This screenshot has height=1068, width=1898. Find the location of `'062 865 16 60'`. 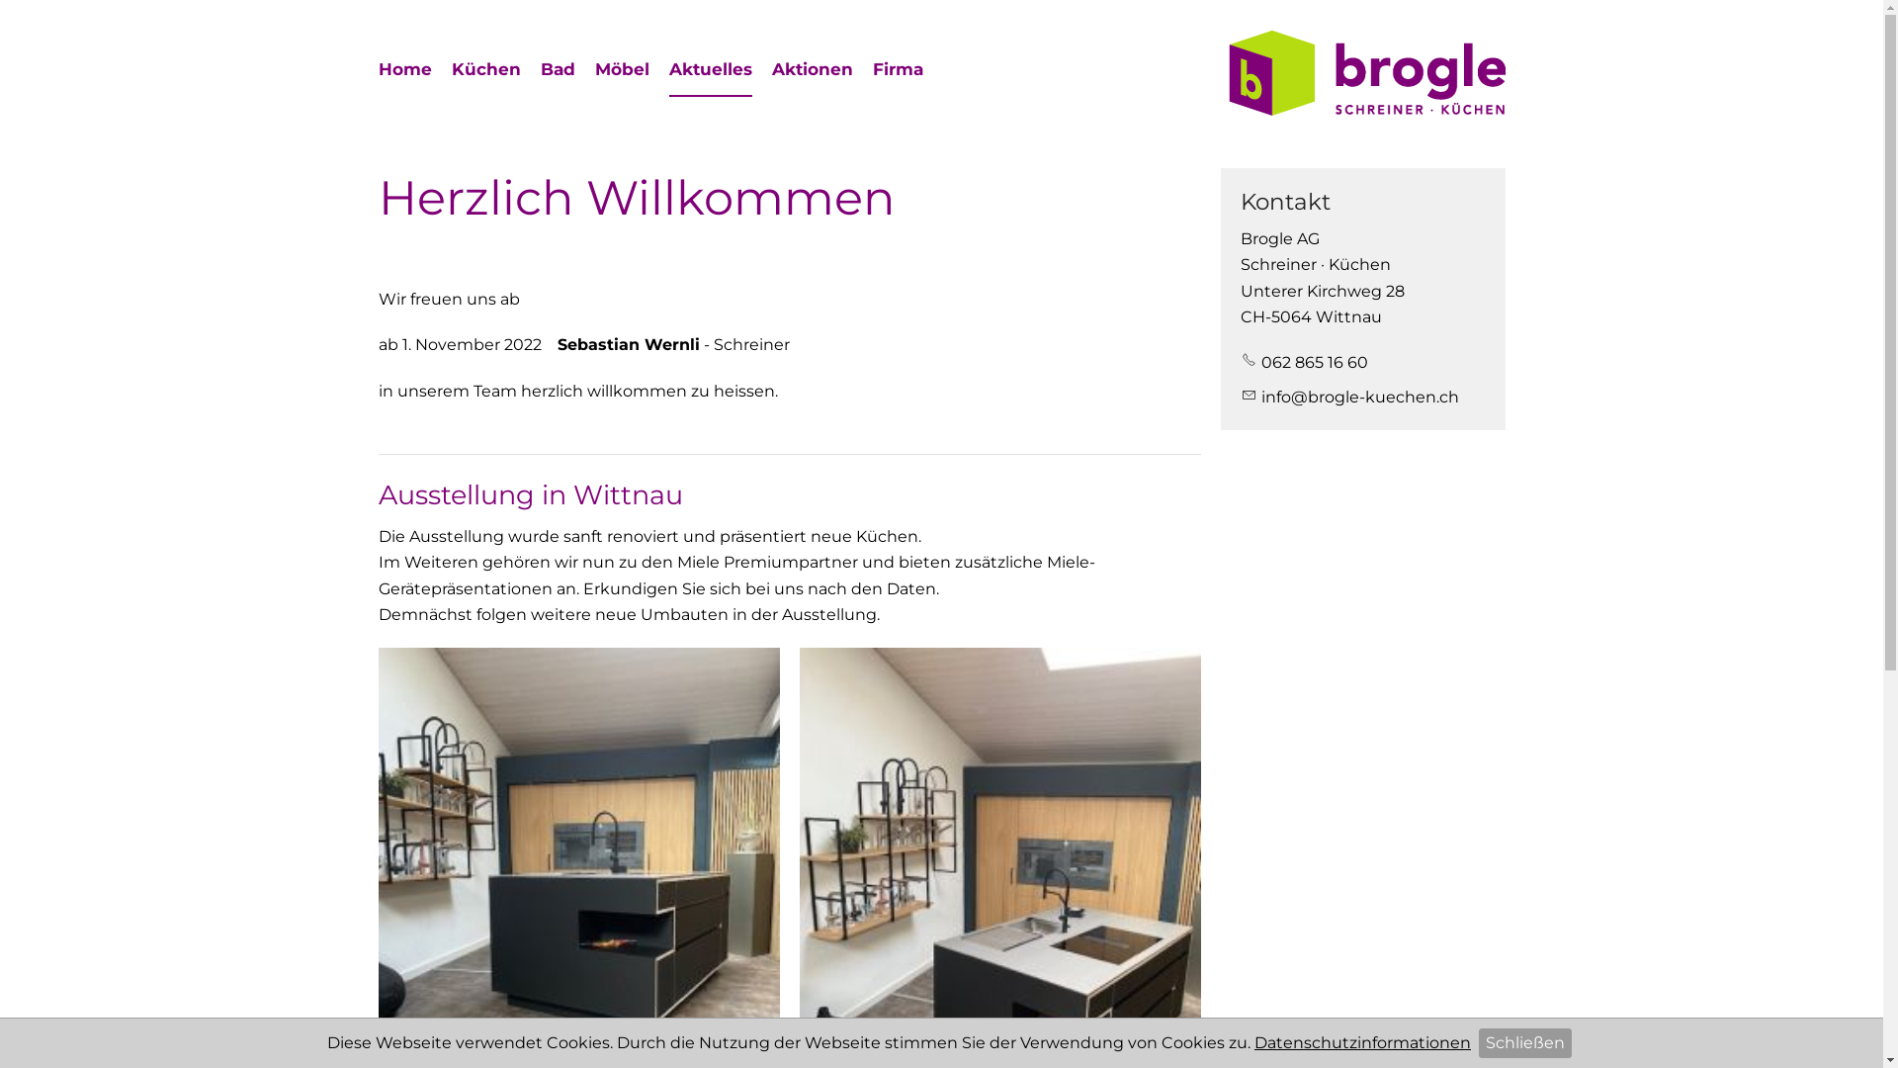

'062 865 16 60' is located at coordinates (1304, 362).